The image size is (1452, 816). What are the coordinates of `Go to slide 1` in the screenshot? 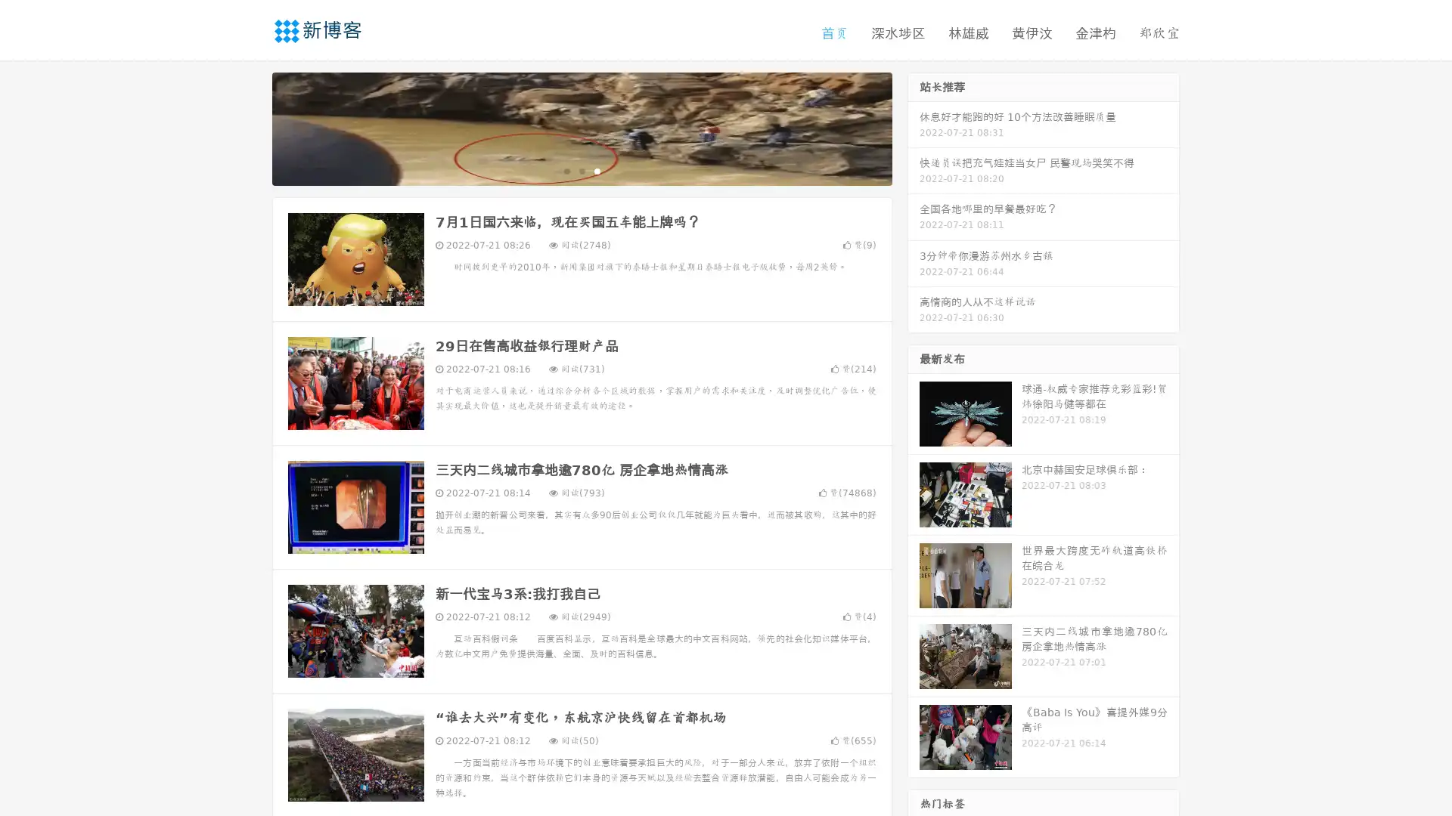 It's located at (566, 170).